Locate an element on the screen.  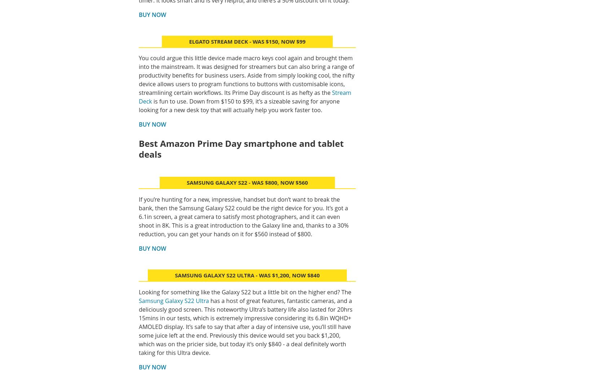
'Samsung Galaxy S22 - Was $800, now $560' is located at coordinates (247, 182).